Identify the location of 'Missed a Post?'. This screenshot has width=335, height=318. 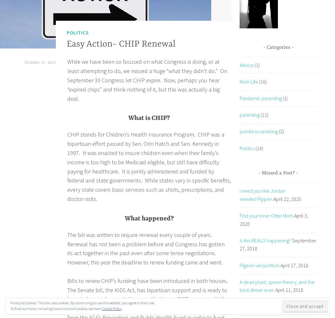
(278, 173).